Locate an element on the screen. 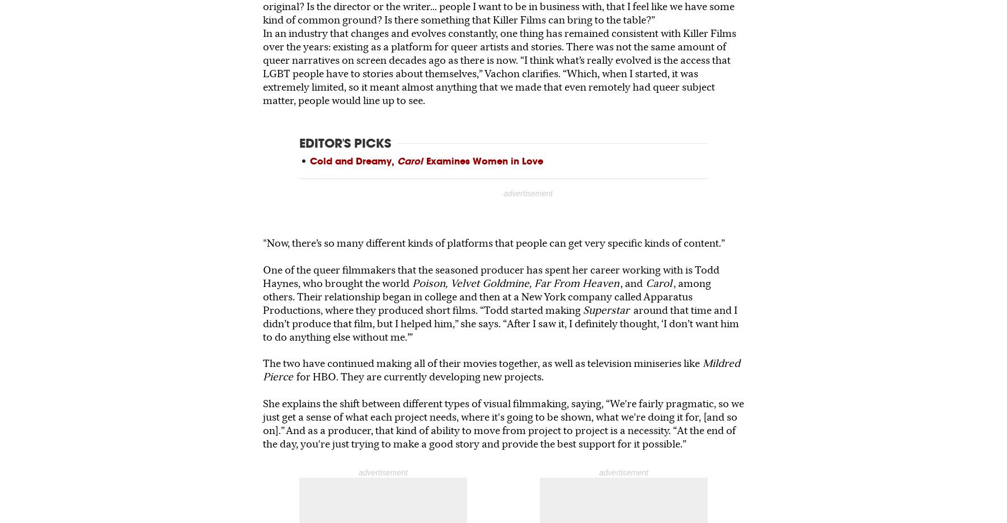 This screenshot has width=1007, height=523. 'One of the queer filmmakers that the seasoned producer has spent her career working with is Todd Haynes, who brought the world' is located at coordinates (491, 276).